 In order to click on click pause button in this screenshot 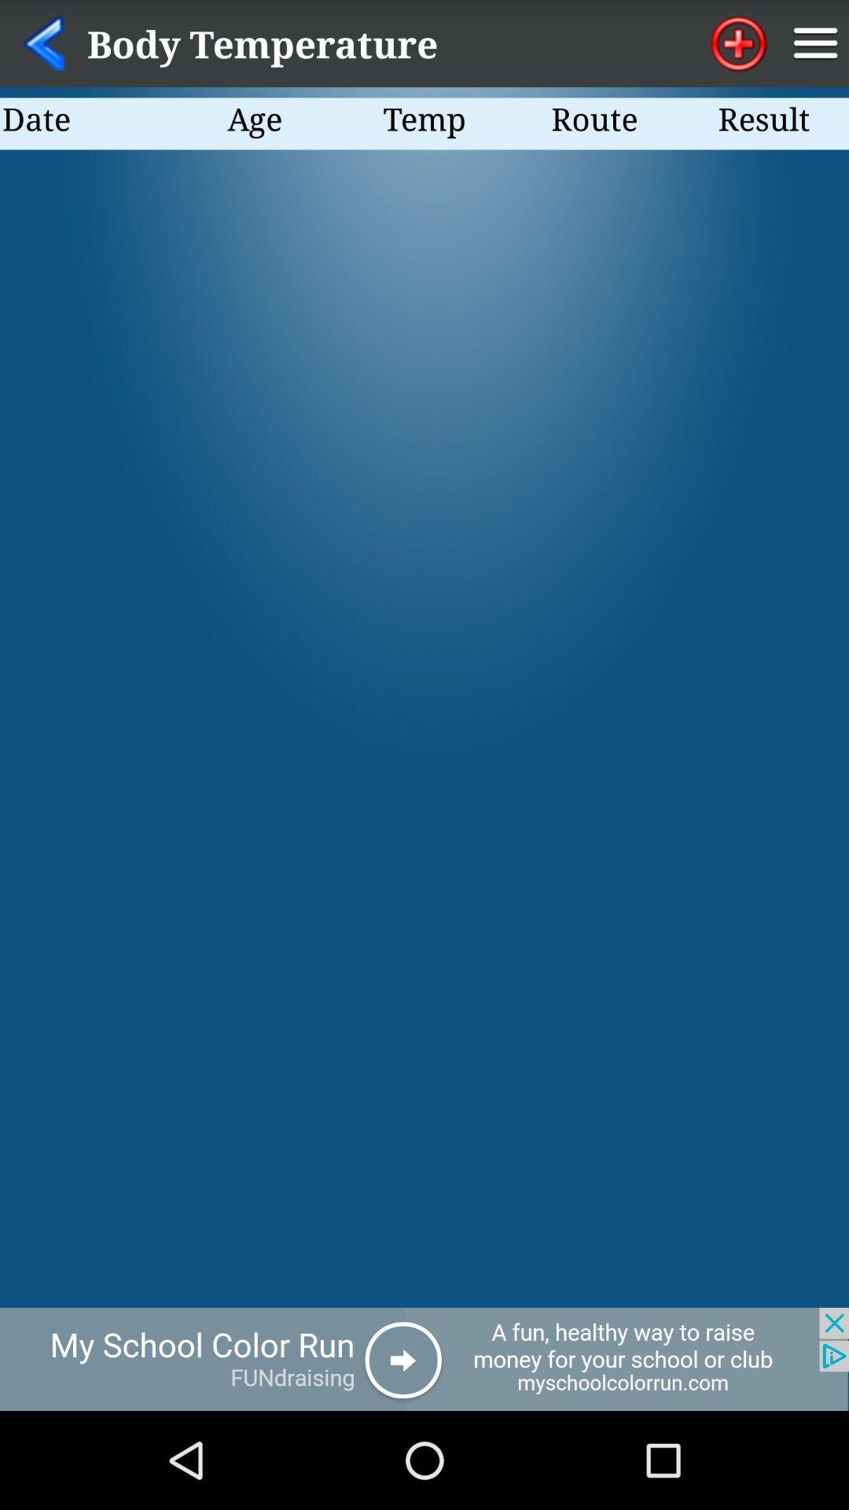, I will do `click(814, 43)`.